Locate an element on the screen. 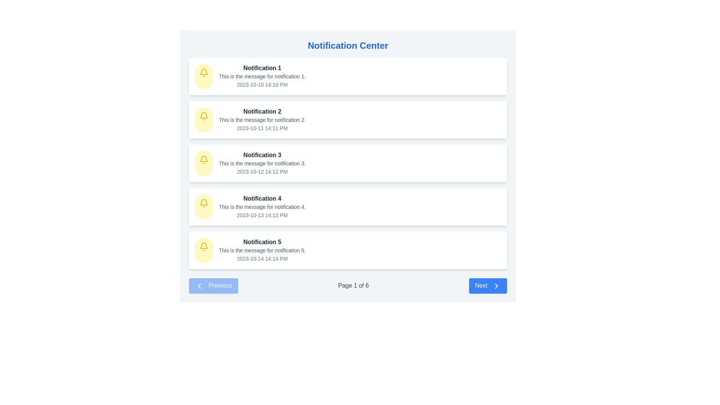  circular bell icon with a yellow background located at the leftmost portion of the Notification 1 card by using developer tools is located at coordinates (204, 76).